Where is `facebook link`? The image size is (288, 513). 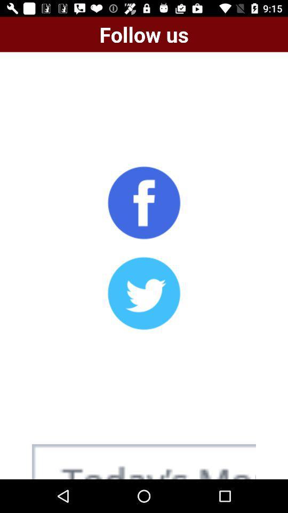 facebook link is located at coordinates (144, 202).